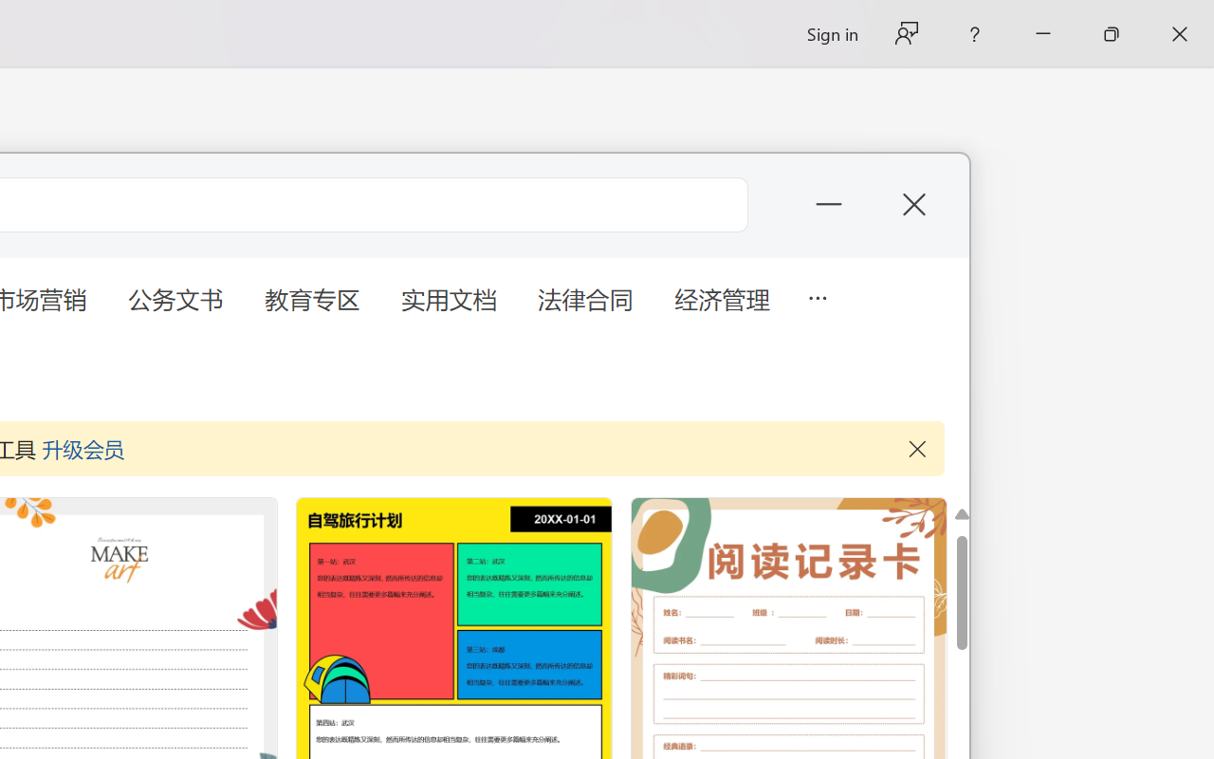  Describe the element at coordinates (817, 295) in the screenshot. I see `'5 more tabs'` at that location.